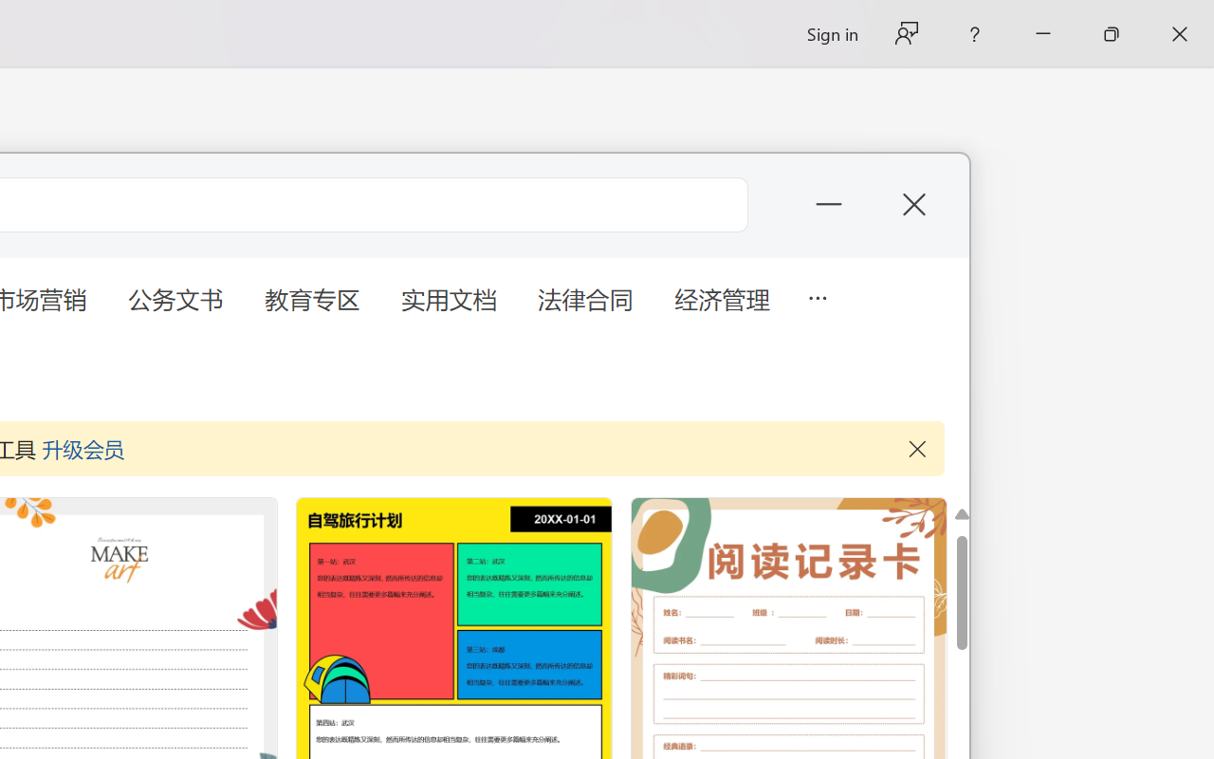  Describe the element at coordinates (817, 295) in the screenshot. I see `'5 more tabs'` at that location.